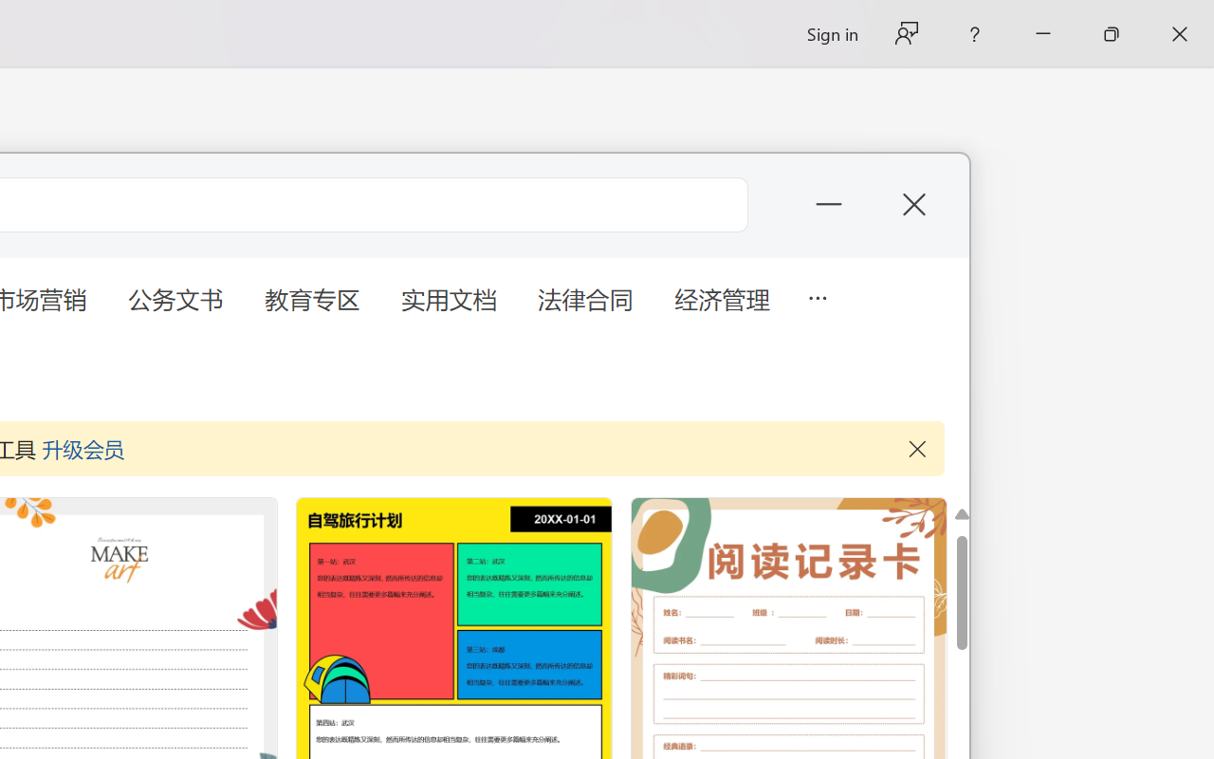  Describe the element at coordinates (817, 295) in the screenshot. I see `'5 more tabs'` at that location.